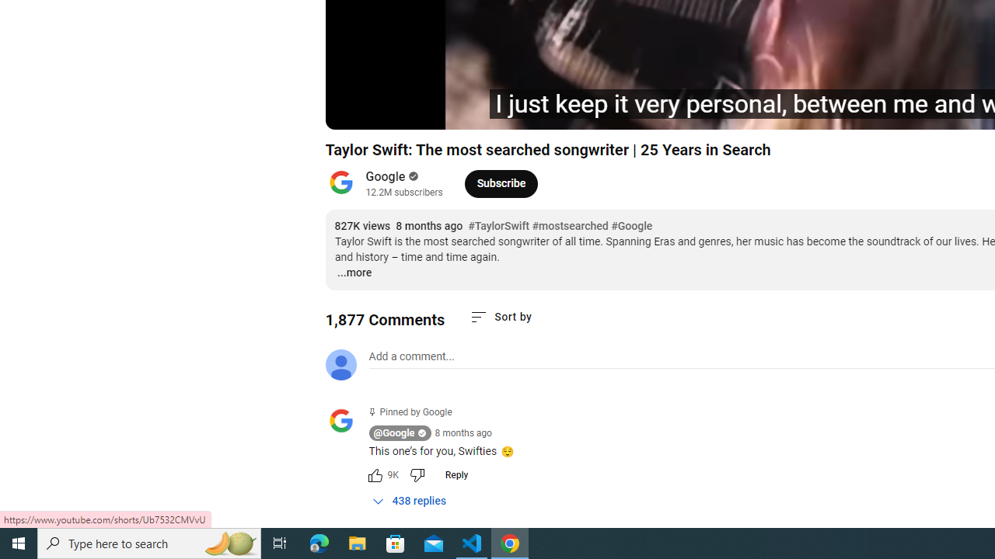  Describe the element at coordinates (631, 226) in the screenshot. I see `'#Google'` at that location.